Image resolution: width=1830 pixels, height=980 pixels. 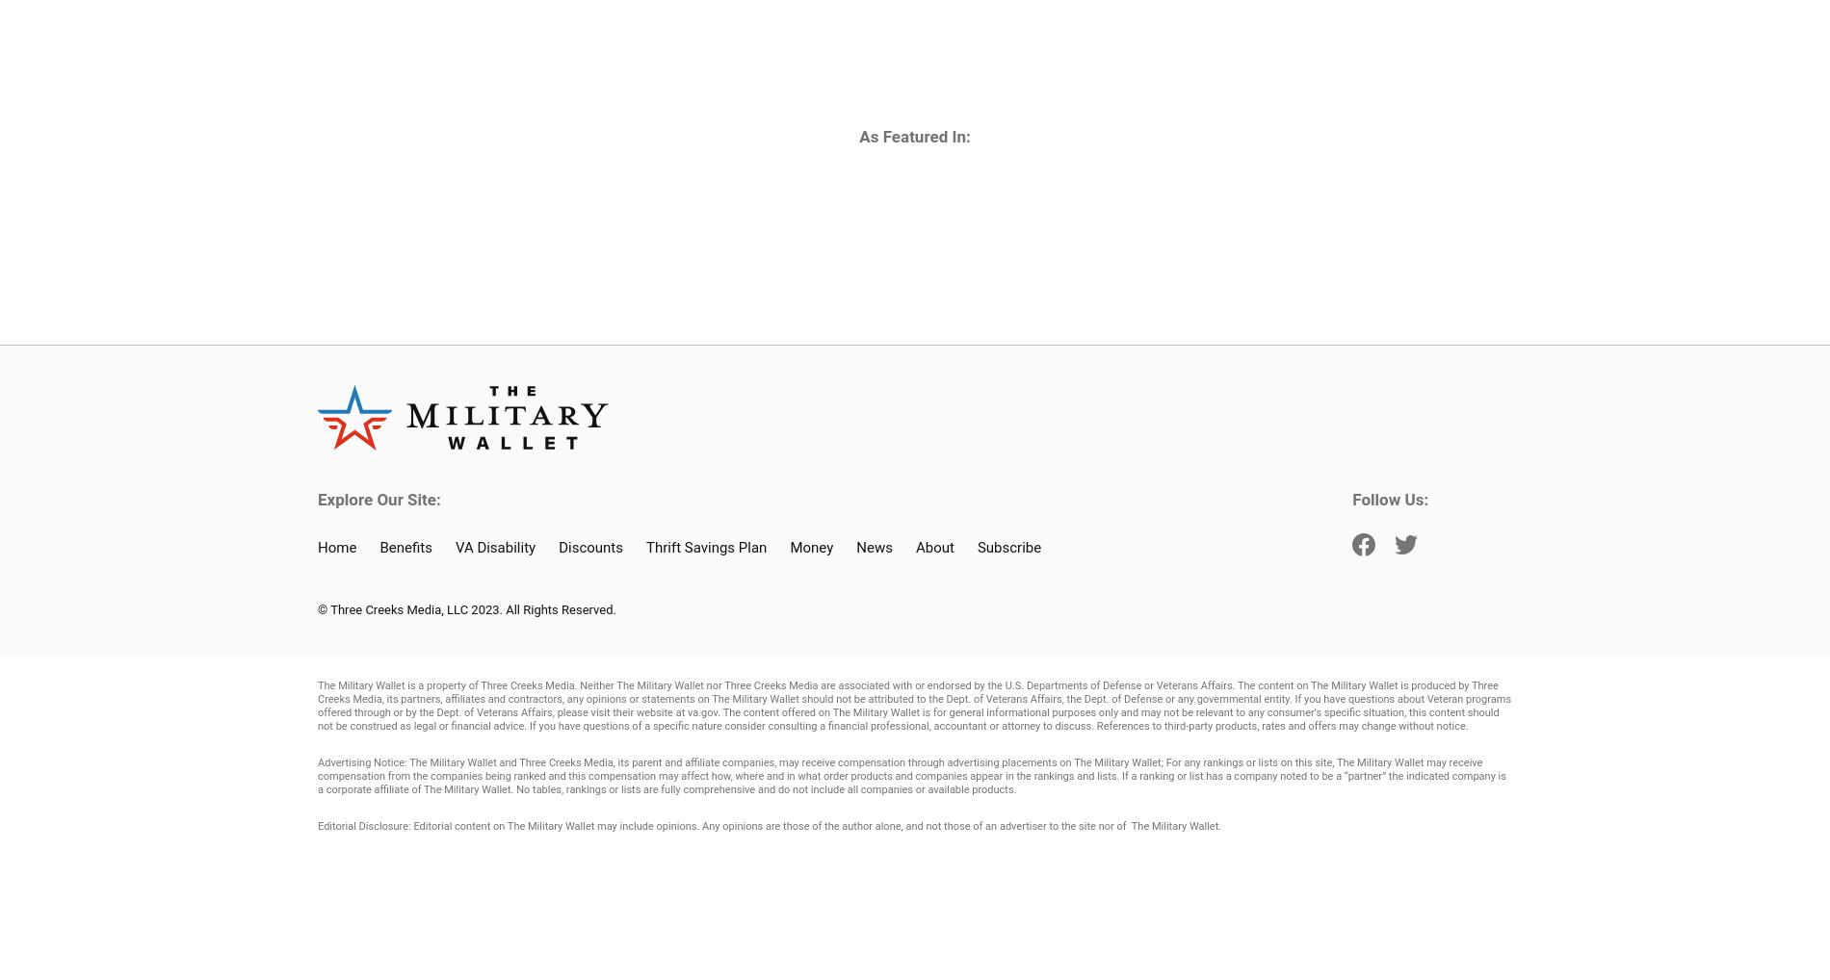 What do you see at coordinates (317, 498) in the screenshot?
I see `'Explore Our Site:'` at bounding box center [317, 498].